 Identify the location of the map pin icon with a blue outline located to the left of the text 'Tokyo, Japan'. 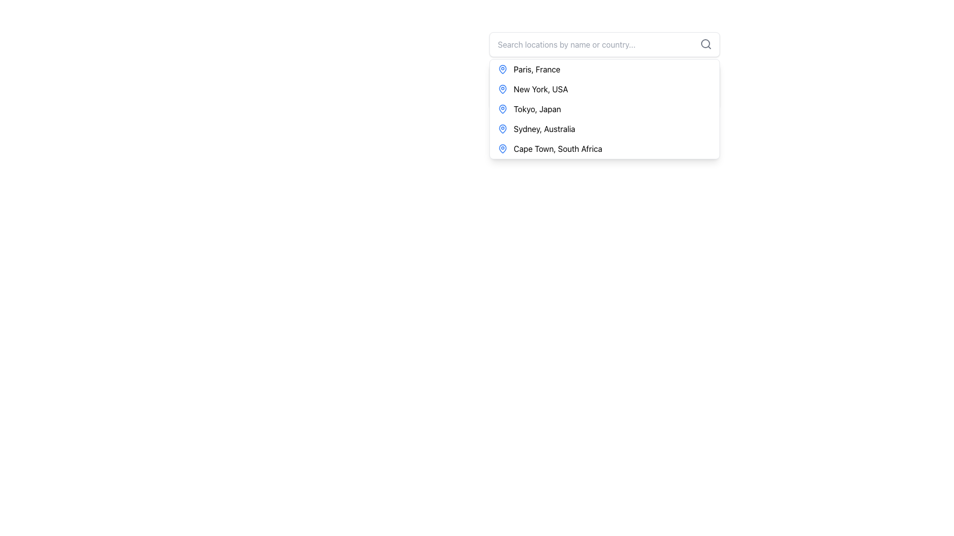
(503, 109).